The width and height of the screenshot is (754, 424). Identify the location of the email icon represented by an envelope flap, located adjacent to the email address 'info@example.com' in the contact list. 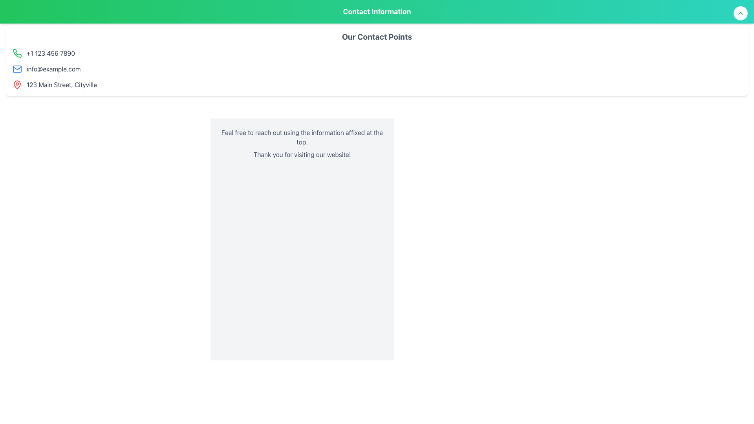
(17, 68).